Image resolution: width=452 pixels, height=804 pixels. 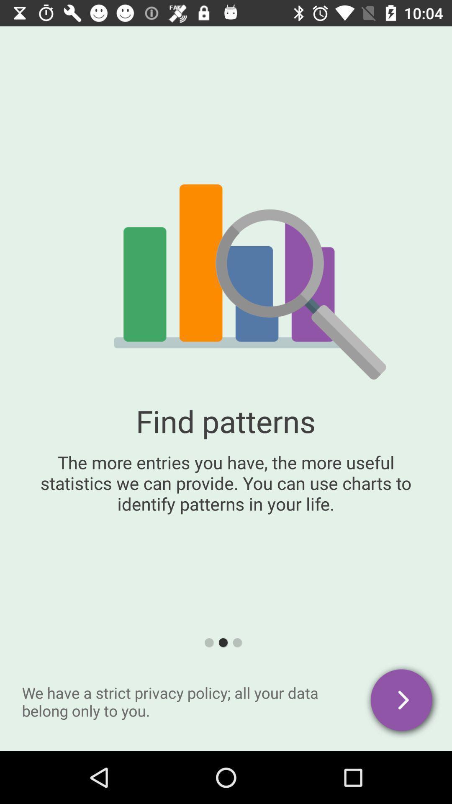 What do you see at coordinates (402, 701) in the screenshot?
I see `privacy policy` at bounding box center [402, 701].